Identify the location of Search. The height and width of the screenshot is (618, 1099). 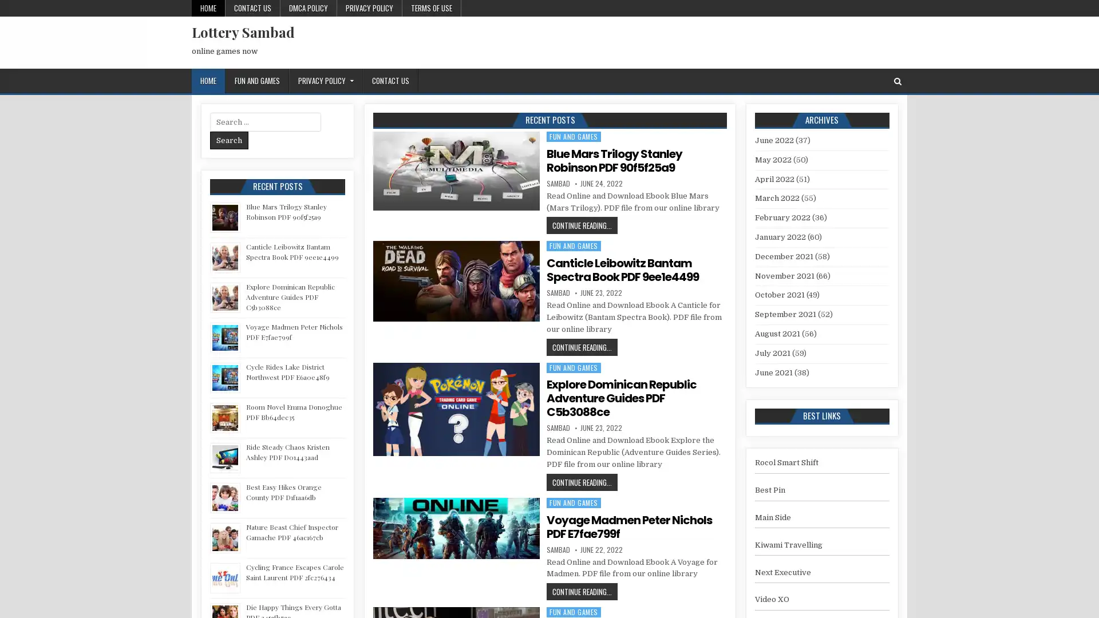
(229, 140).